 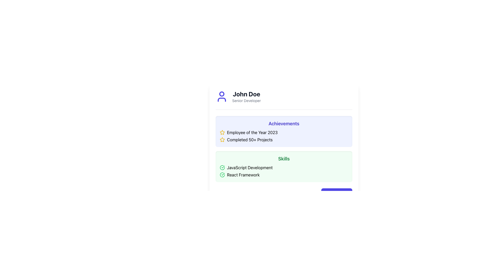 What do you see at coordinates (328, 193) in the screenshot?
I see `the cogwheel icon representing settings, located within the blue button labeled 'Settings' near the bottom-right of the interface` at bounding box center [328, 193].